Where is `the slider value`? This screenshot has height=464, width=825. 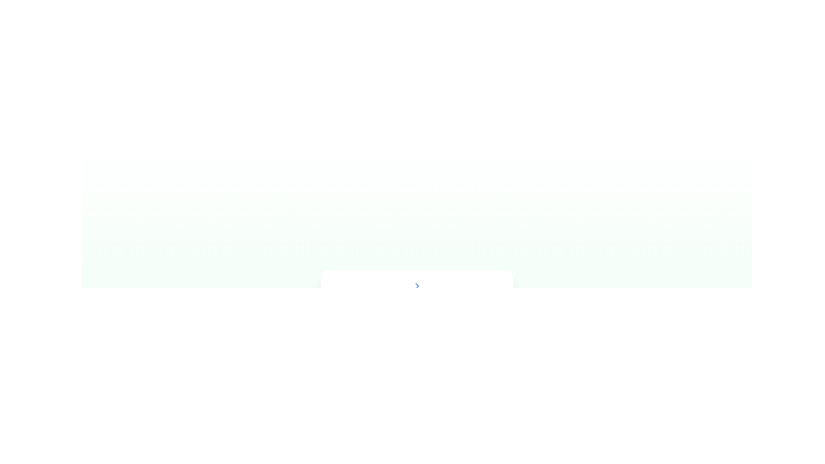
the slider value is located at coordinates (453, 348).